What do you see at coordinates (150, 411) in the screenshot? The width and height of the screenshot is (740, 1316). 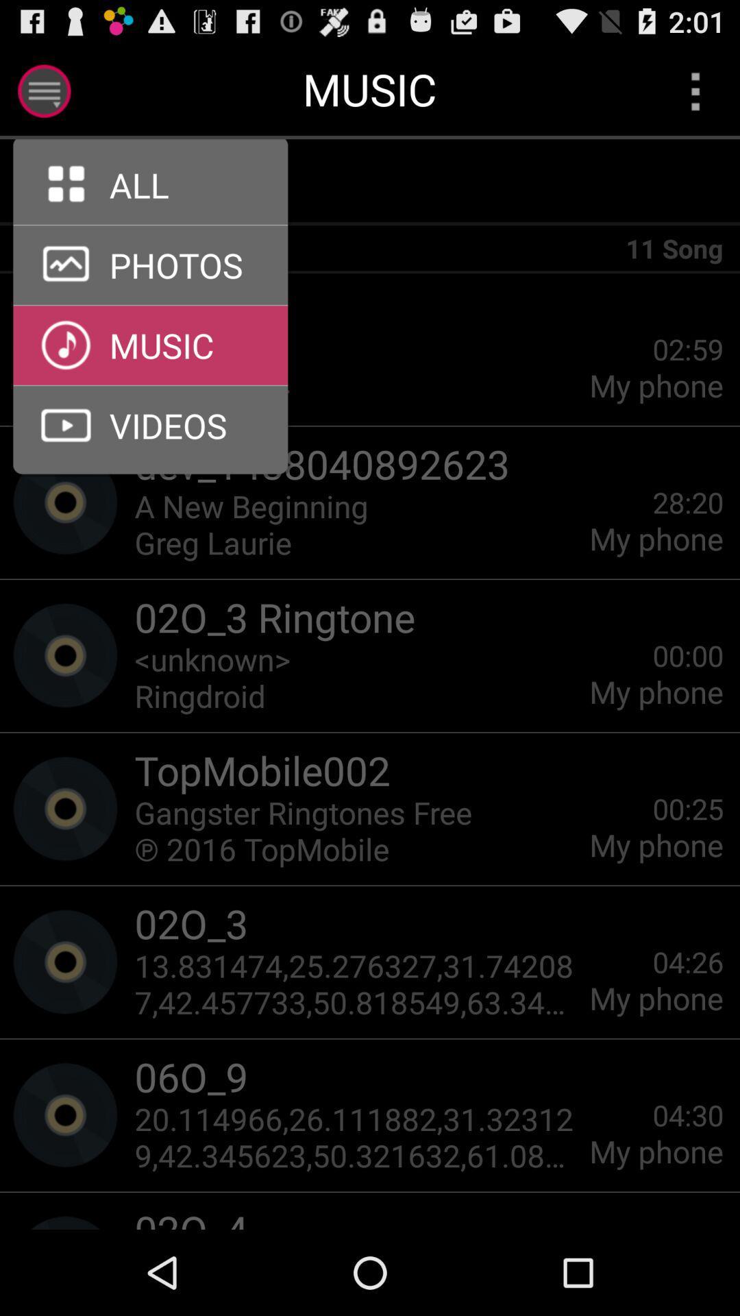 I see `the arrow_forward icon` at bounding box center [150, 411].